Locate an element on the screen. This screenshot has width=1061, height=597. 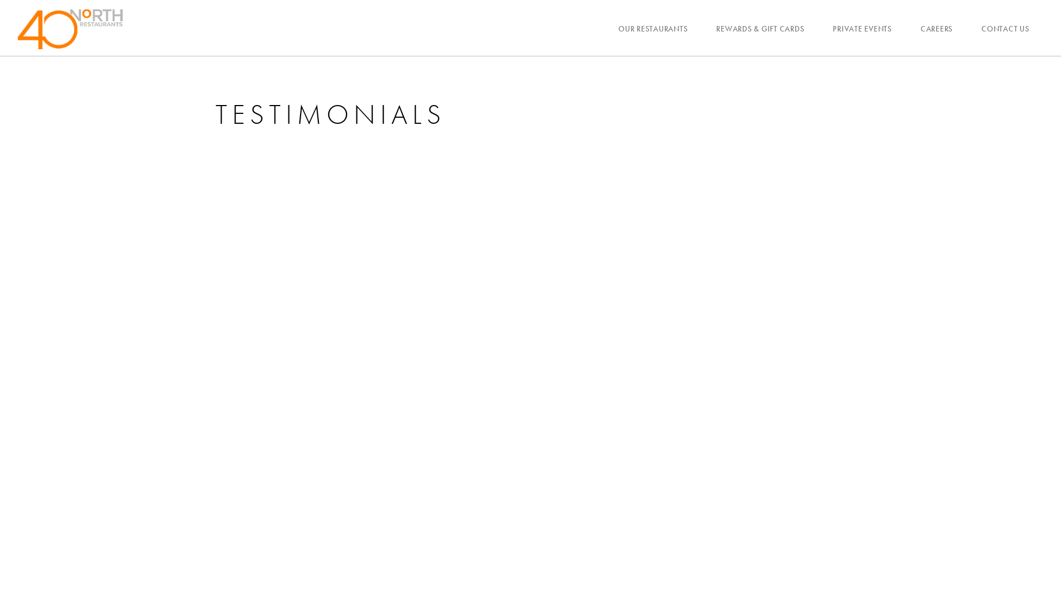
'CAREERS' is located at coordinates (906, 28).